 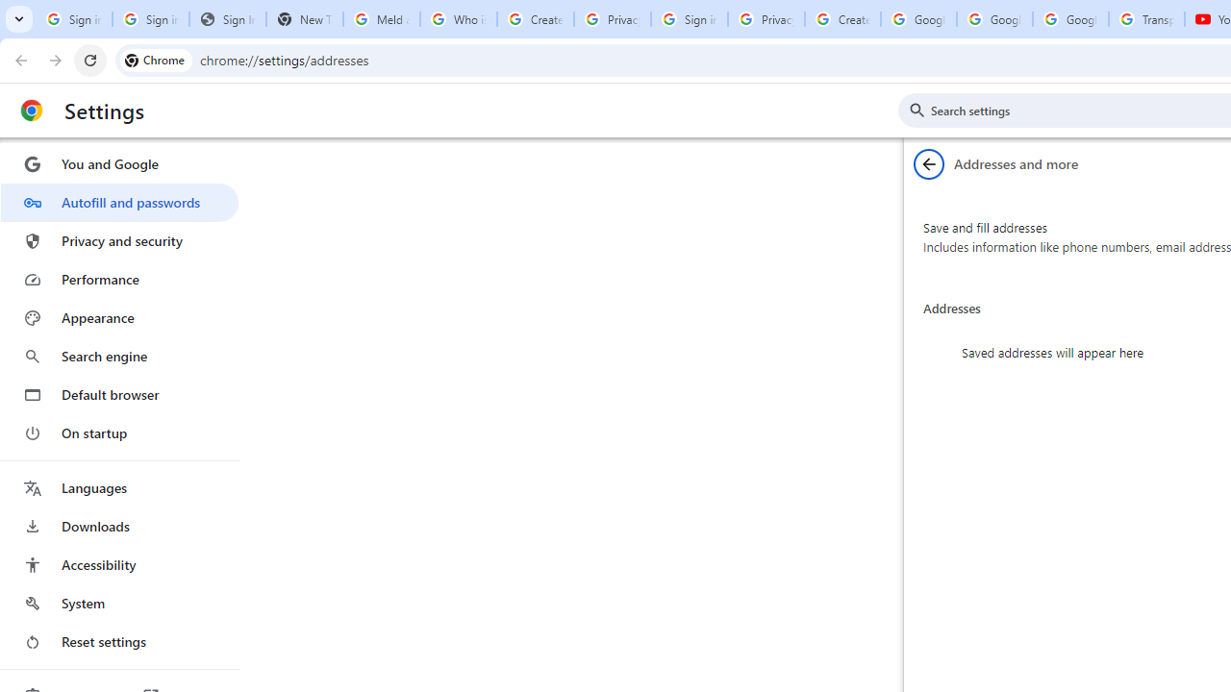 What do you see at coordinates (457, 19) in the screenshot?
I see `'Who is my administrator? - Google Account Help'` at bounding box center [457, 19].